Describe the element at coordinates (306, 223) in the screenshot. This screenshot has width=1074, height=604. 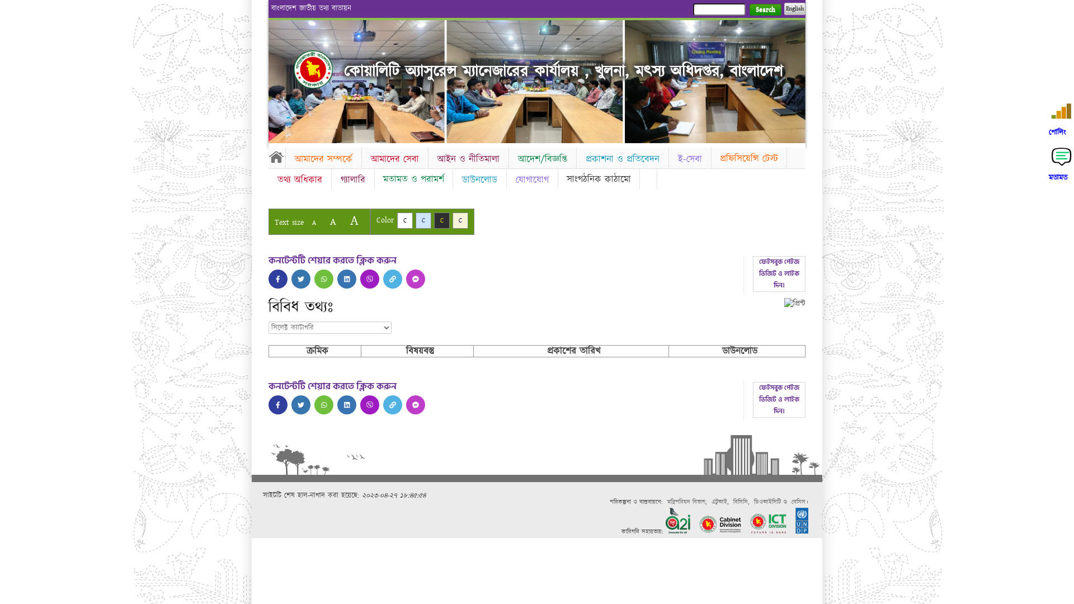
I see `'A'` at that location.